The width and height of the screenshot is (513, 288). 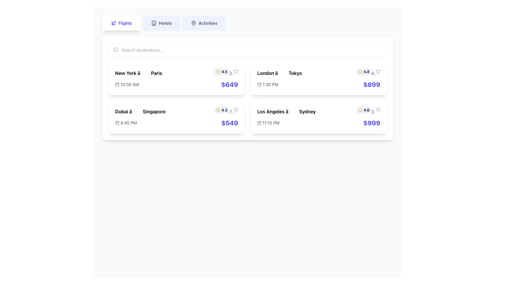 What do you see at coordinates (369, 110) in the screenshot?
I see `the light blue rounded capsule containing the star icon and the text '4.6' in bold, located at the top-right corner of the white card displaying flight details for Los Angeles to Sydney` at bounding box center [369, 110].